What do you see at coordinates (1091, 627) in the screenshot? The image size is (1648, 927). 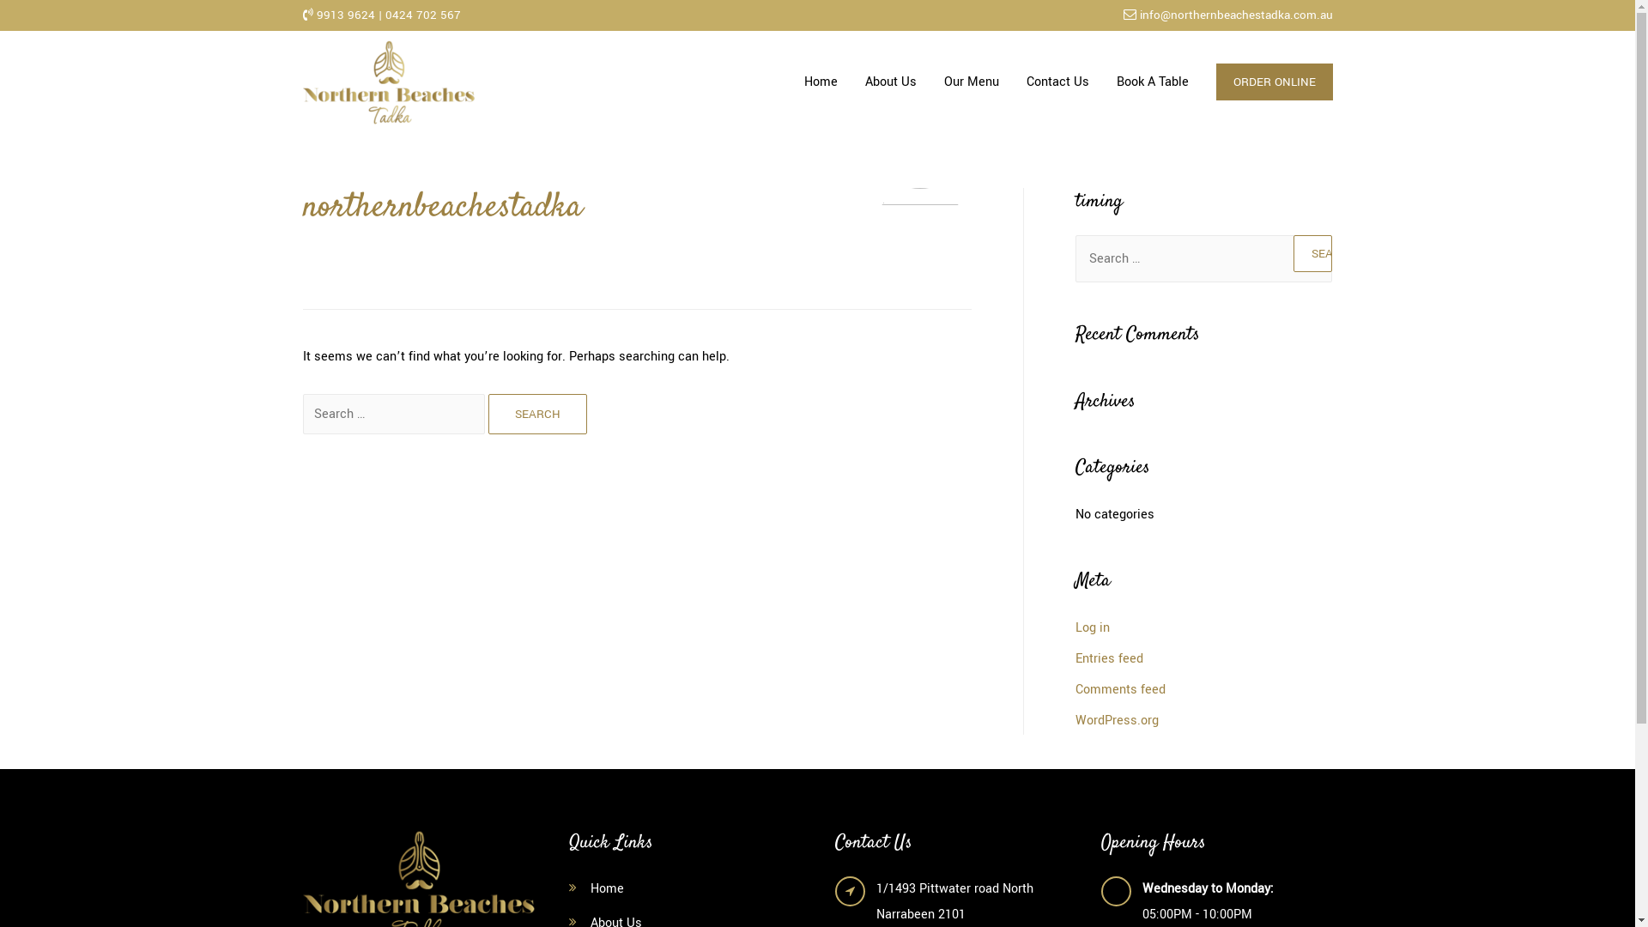 I see `'Log in'` at bounding box center [1091, 627].